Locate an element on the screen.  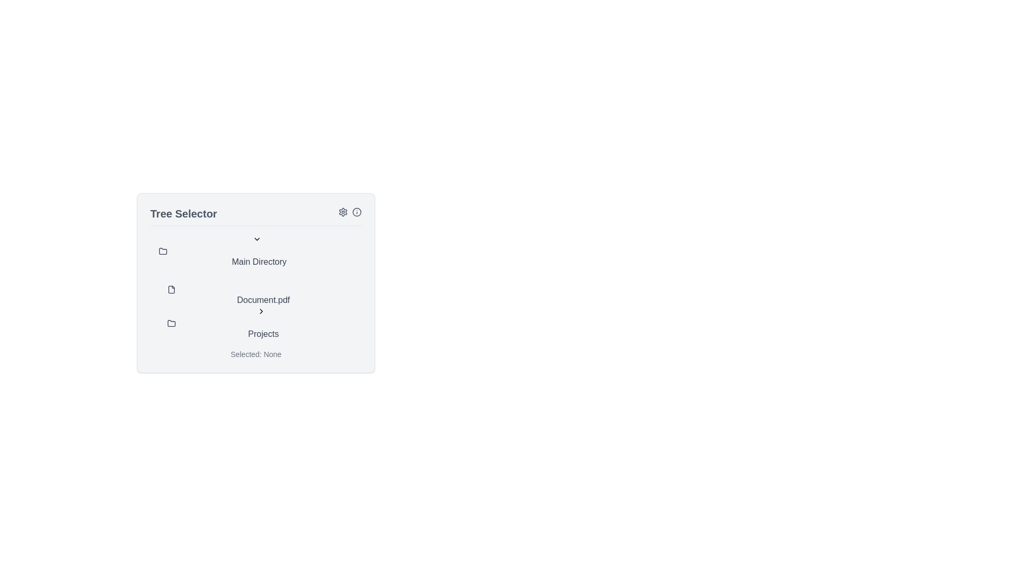
the document icon located to the left of the 'Document.pdf' label is located at coordinates (171, 290).